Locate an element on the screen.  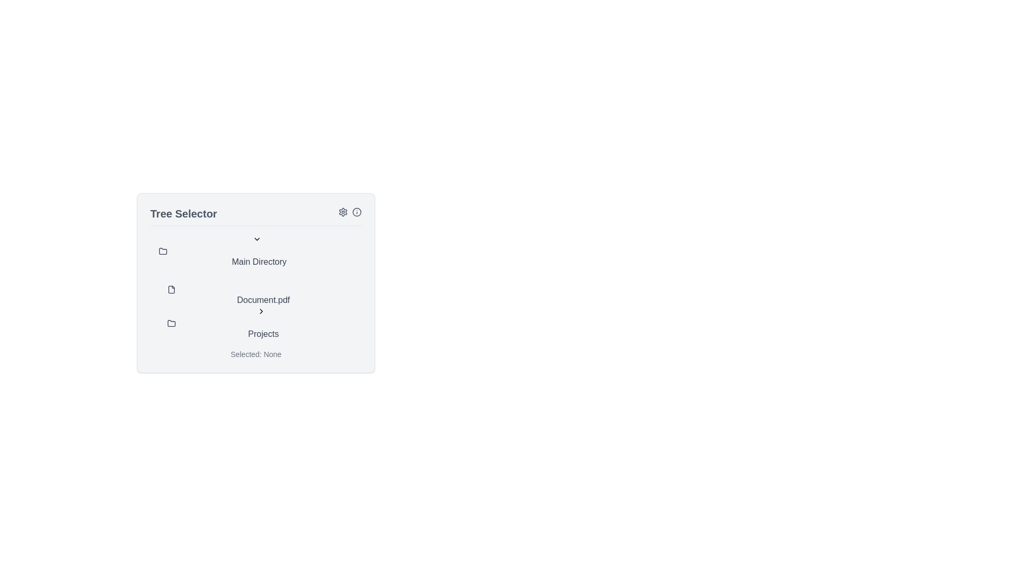
the document icon located to the left of the 'Document.pdf' label is located at coordinates (171, 290).